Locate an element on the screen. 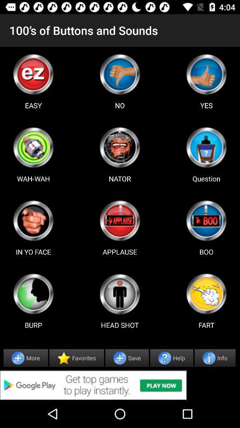 This screenshot has height=428, width=240. use question button is located at coordinates (206, 147).